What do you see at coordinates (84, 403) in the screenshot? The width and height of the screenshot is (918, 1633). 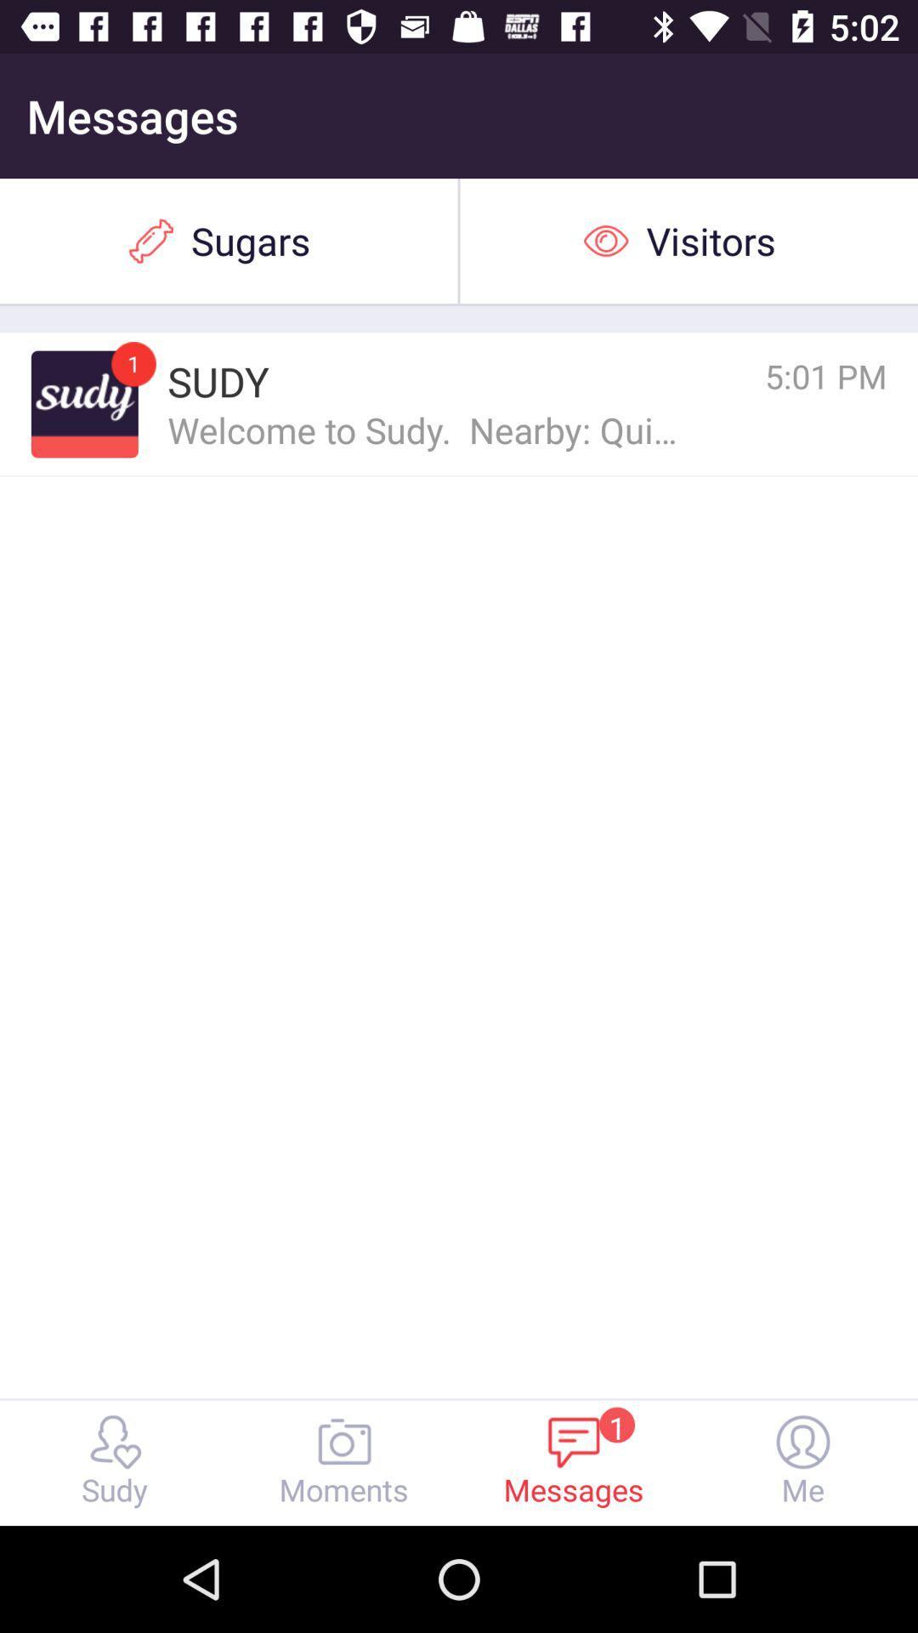 I see `the item next to sudy` at bounding box center [84, 403].